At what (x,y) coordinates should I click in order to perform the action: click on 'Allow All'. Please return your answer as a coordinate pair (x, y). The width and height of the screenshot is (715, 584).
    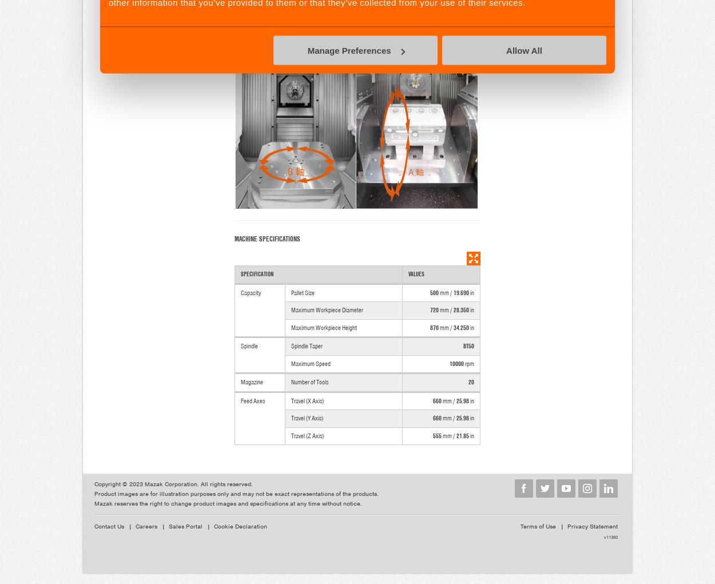
    Looking at the image, I should click on (524, 49).